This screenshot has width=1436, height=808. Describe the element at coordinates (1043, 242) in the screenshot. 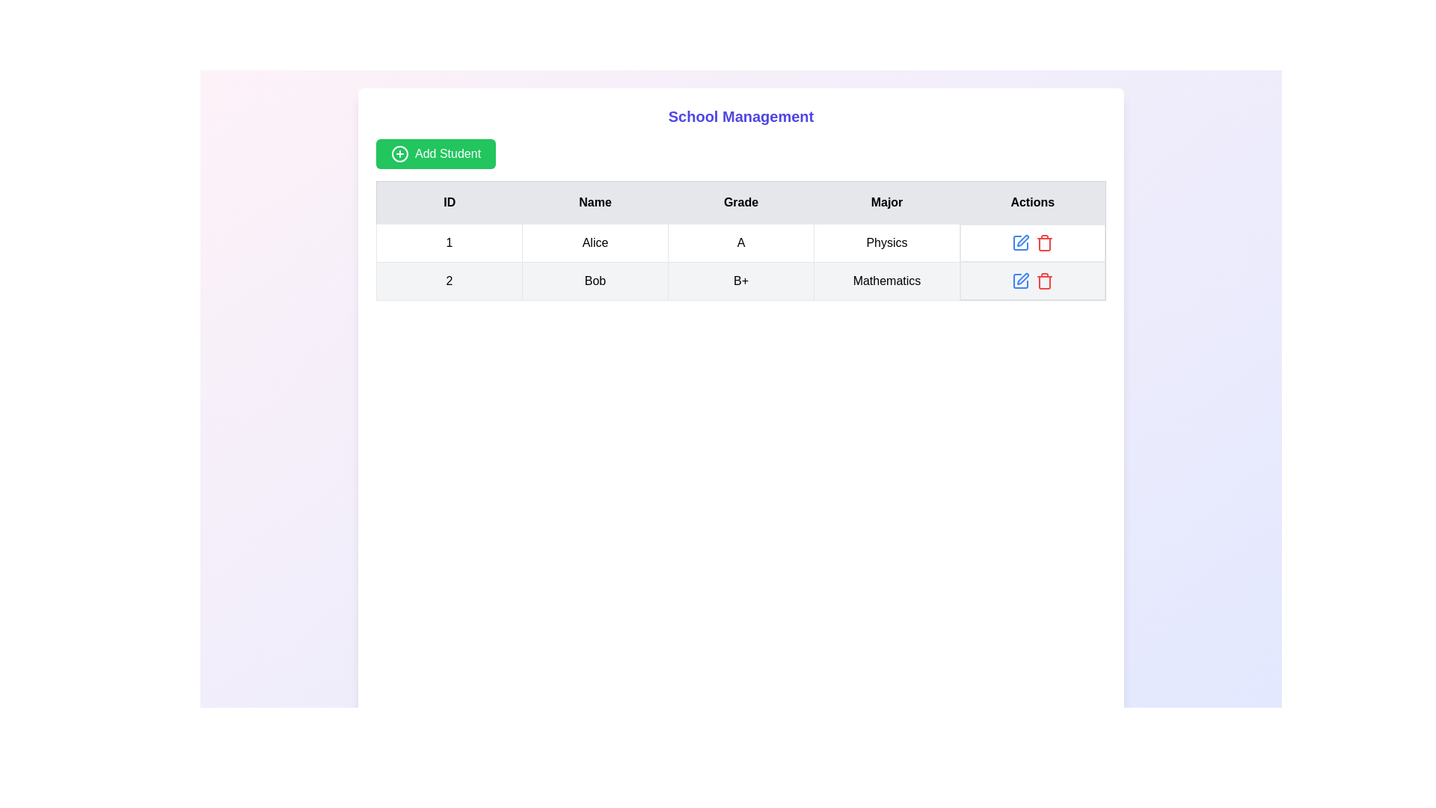

I see `the delete icon button located in the second row under the 'Actions' column` at that location.